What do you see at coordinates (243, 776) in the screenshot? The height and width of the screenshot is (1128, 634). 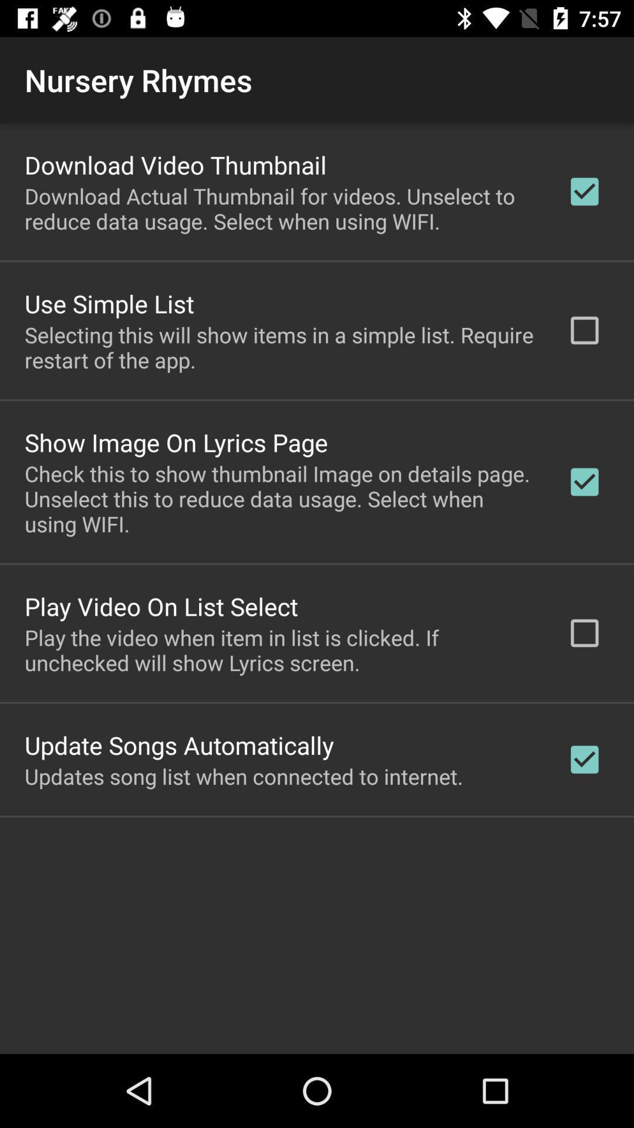 I see `updates song list icon` at bounding box center [243, 776].